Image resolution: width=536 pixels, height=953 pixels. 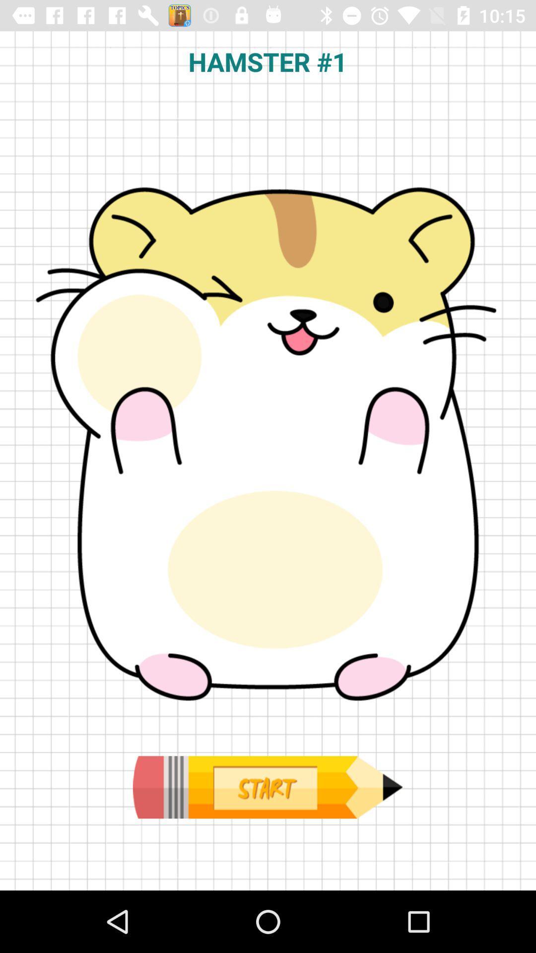 What do you see at coordinates (267, 787) in the screenshot?
I see `this is button to start the task` at bounding box center [267, 787].